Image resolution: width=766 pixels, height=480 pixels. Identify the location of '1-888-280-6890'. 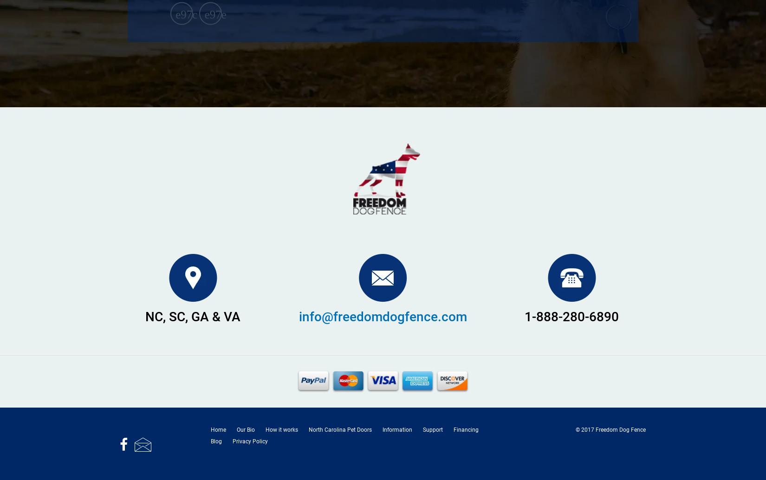
(524, 317).